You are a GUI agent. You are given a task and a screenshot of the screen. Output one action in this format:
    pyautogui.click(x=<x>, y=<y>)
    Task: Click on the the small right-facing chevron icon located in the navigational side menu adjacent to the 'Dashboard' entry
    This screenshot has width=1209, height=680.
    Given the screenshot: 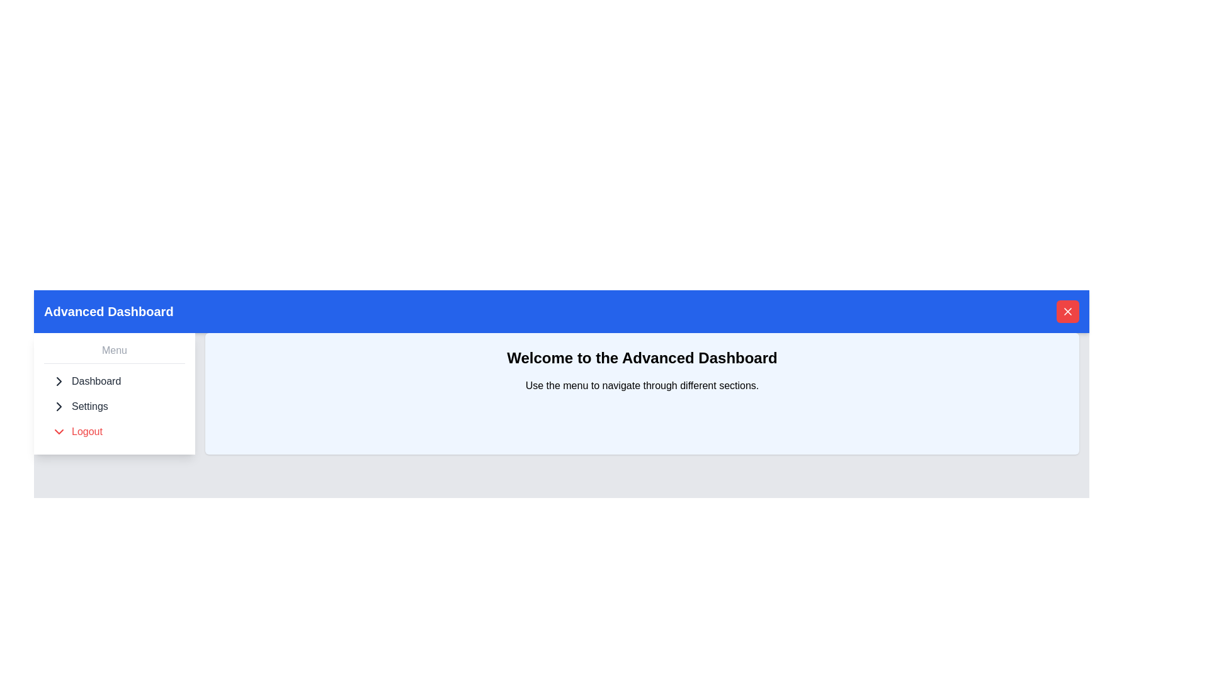 What is the action you would take?
    pyautogui.click(x=59, y=380)
    